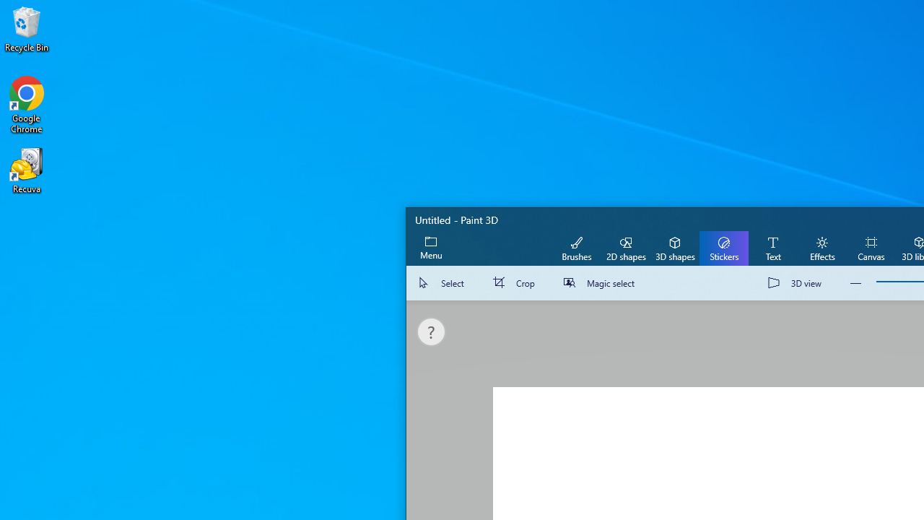  What do you see at coordinates (674, 247) in the screenshot?
I see `'3D shapes'` at bounding box center [674, 247].